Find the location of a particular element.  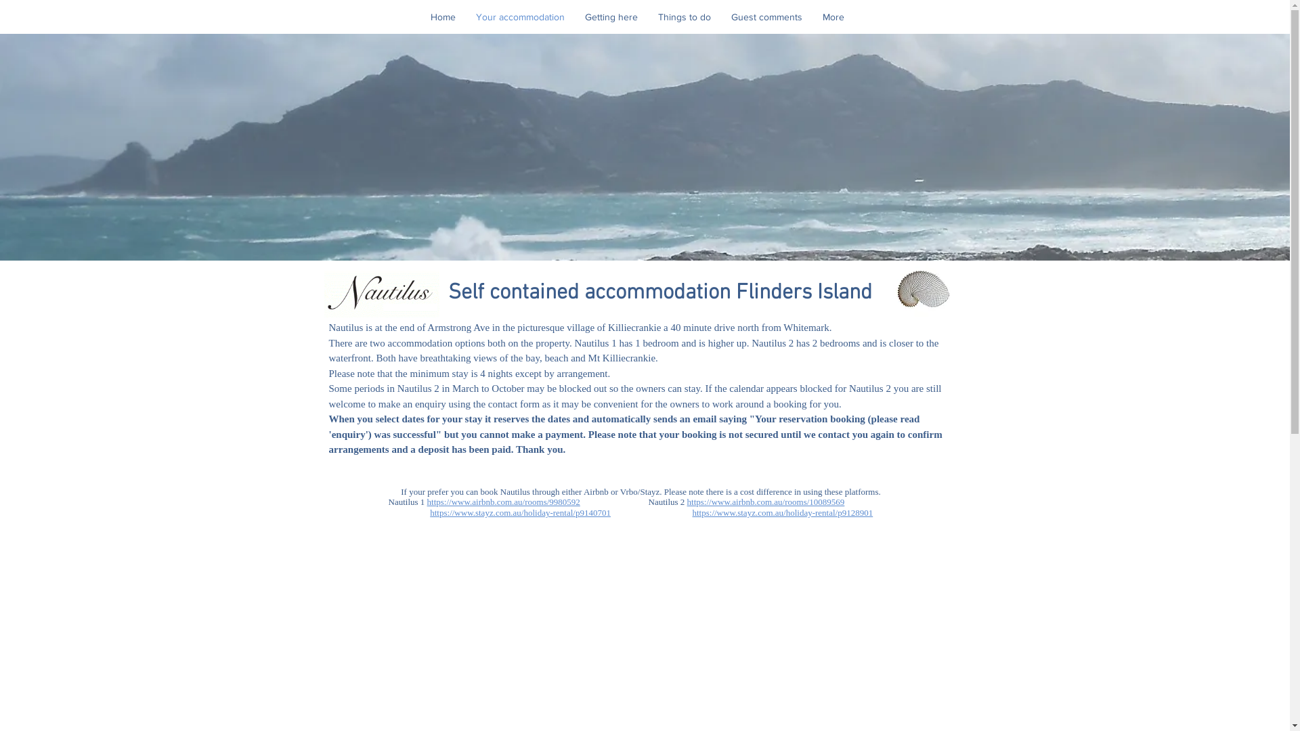

'Guest comments' is located at coordinates (766, 16).